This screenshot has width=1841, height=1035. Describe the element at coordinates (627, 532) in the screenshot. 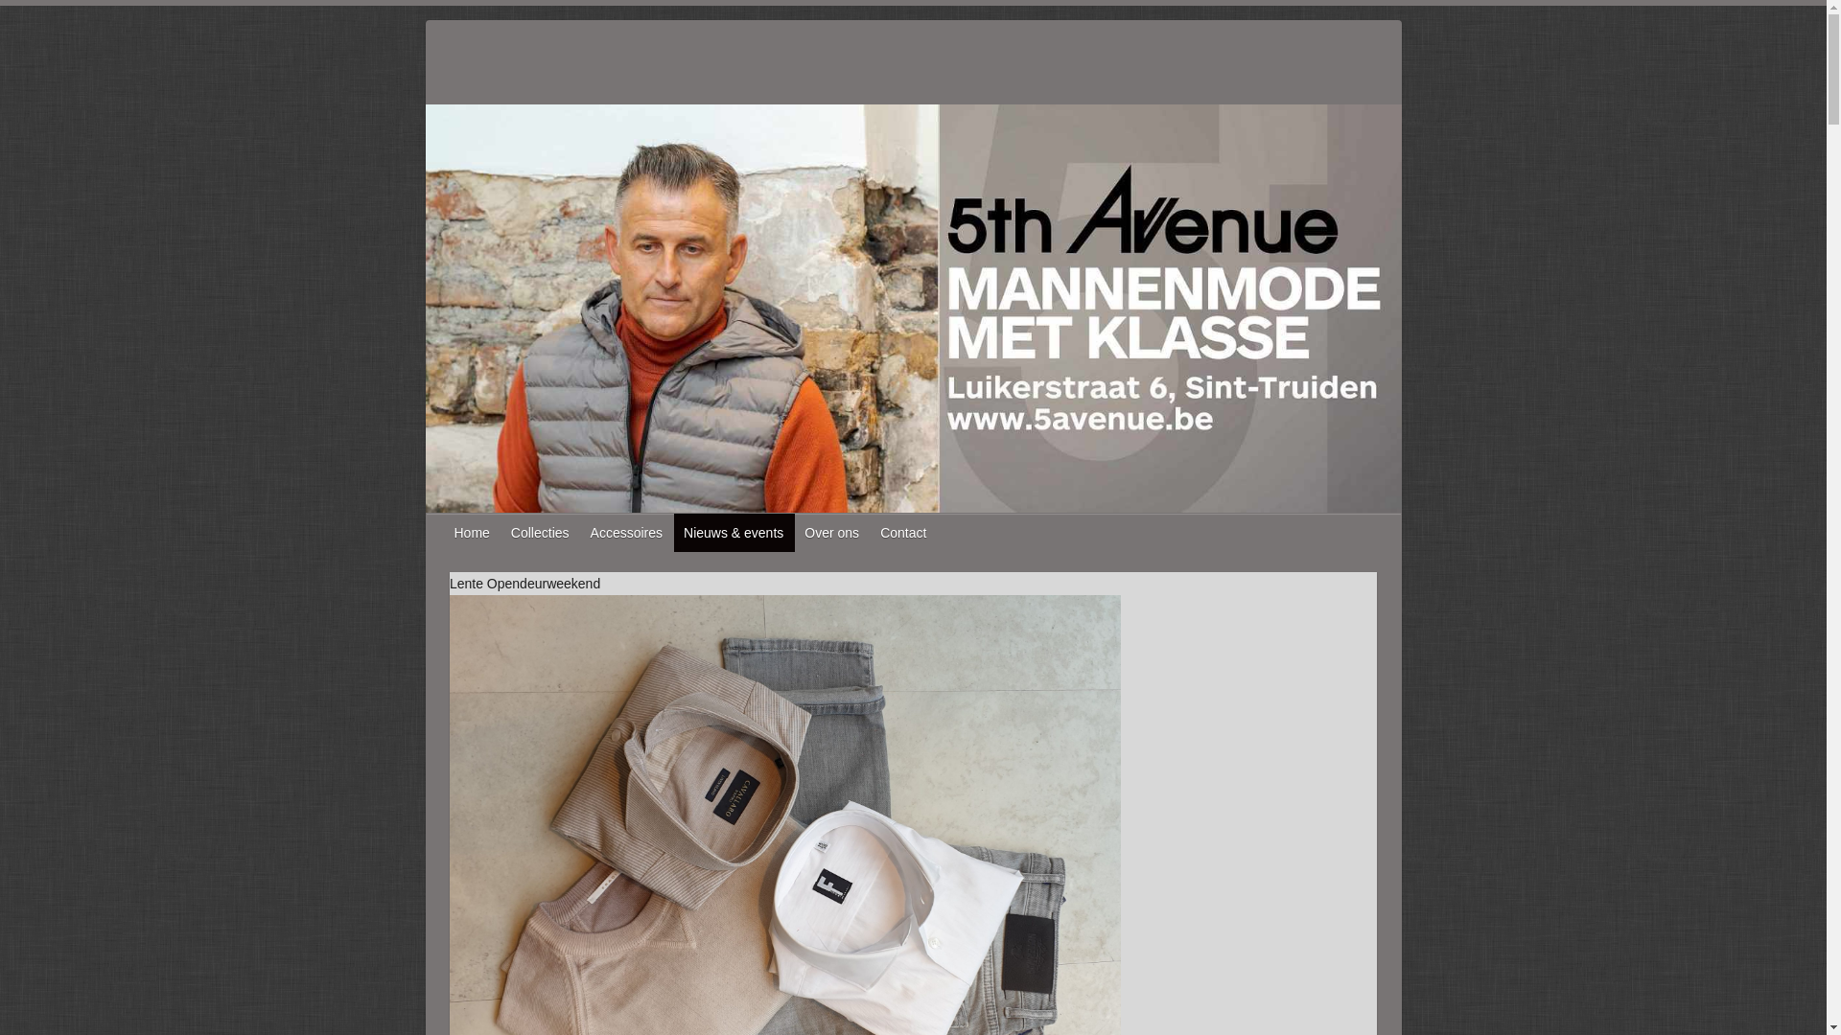

I see `'Accessoires'` at that location.